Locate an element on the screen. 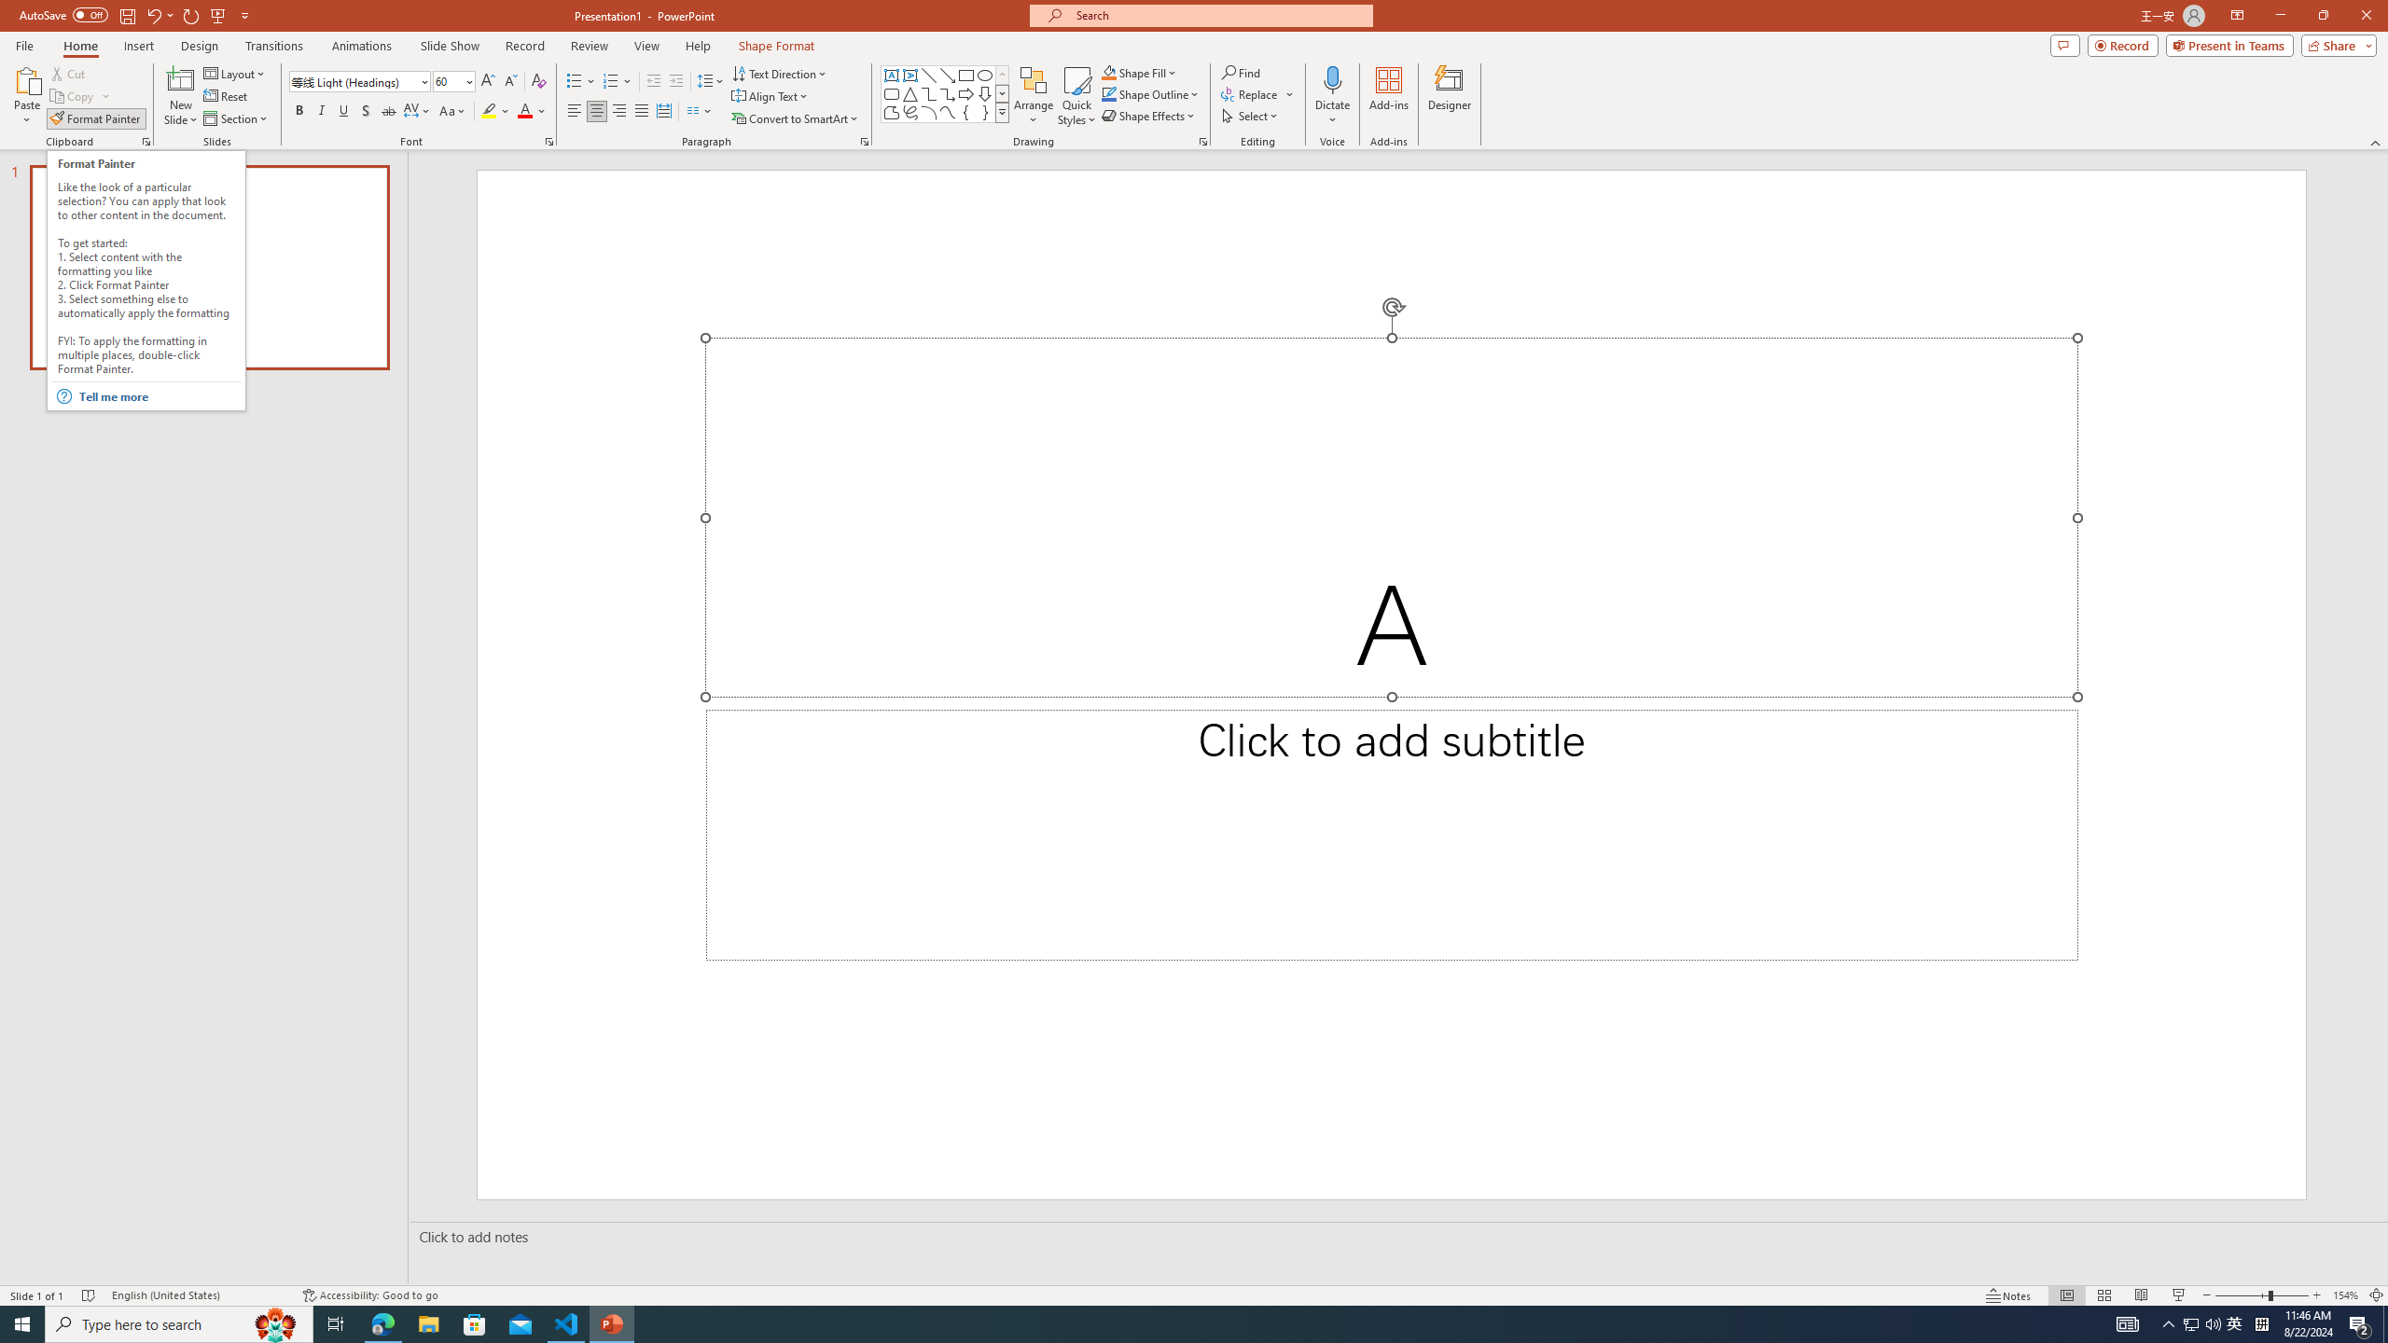 The image size is (2388, 1343). 'Zoom 154%' is located at coordinates (2346, 1295).